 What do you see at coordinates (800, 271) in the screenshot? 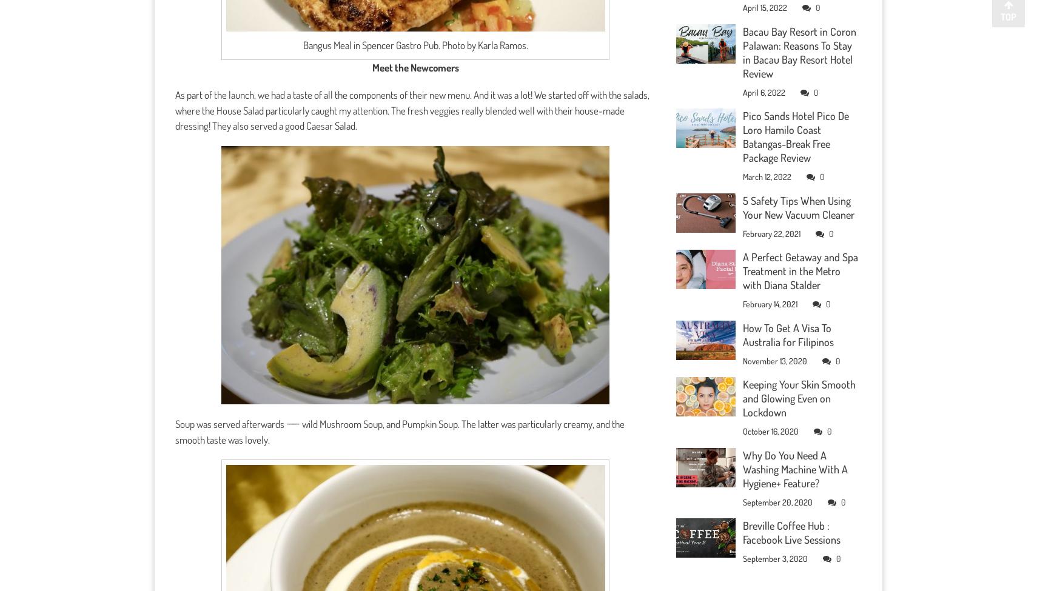
I see `'A Perfect Getaway and Spa Treatment in the Metro with Diana Stalder'` at bounding box center [800, 271].